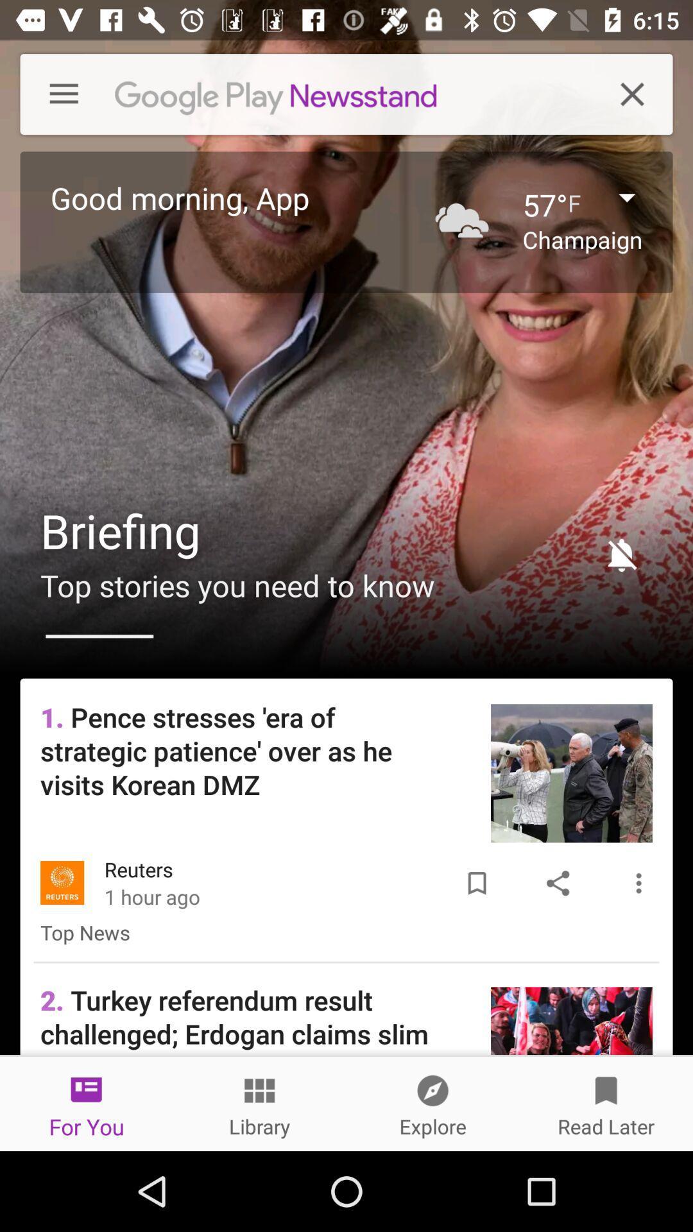 The image size is (693, 1232). I want to click on item next to briefing item, so click(616, 554).